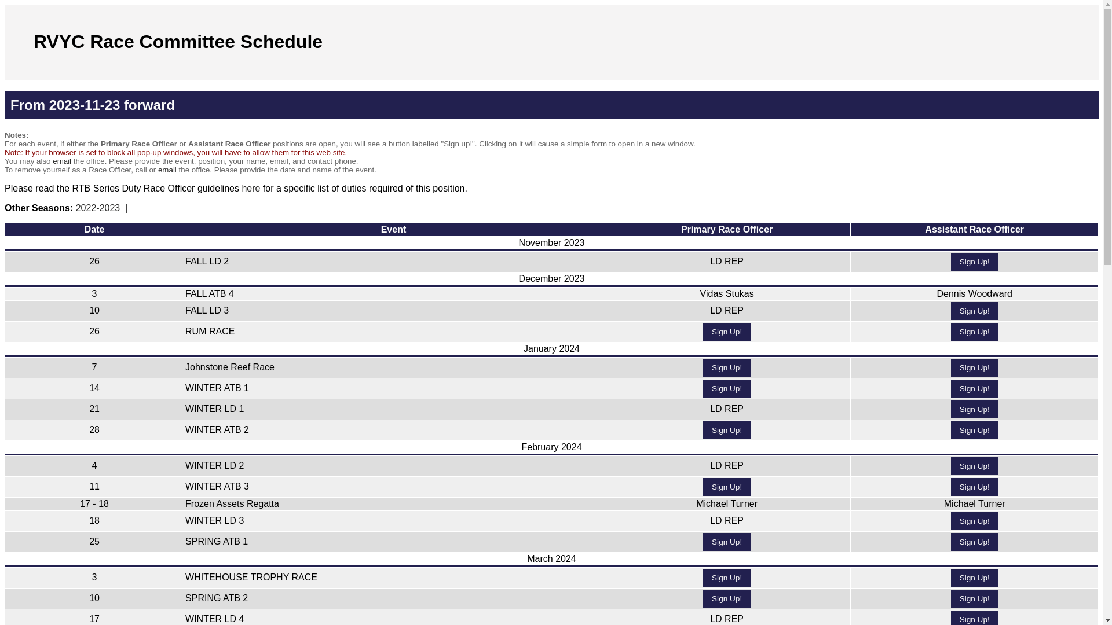 The image size is (1112, 625). Describe the element at coordinates (726, 388) in the screenshot. I see `'Sign Up!'` at that location.